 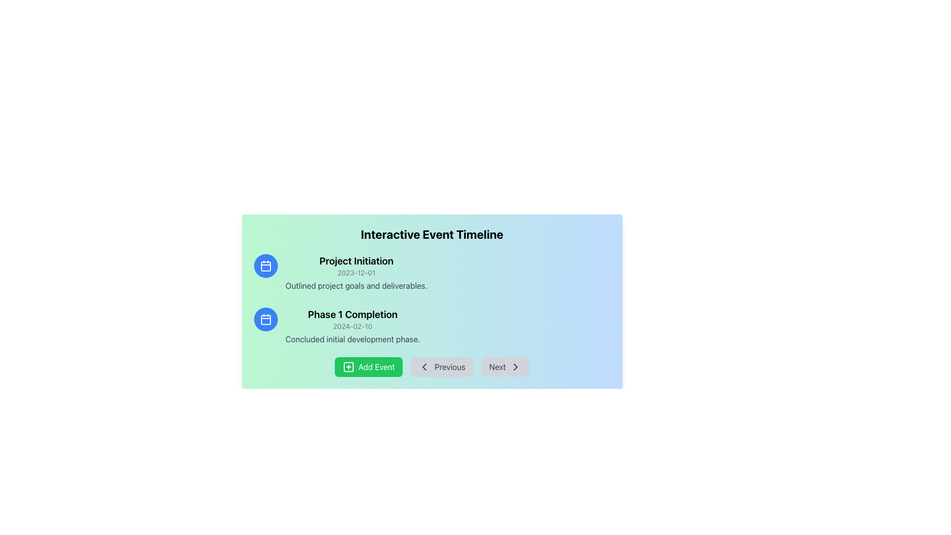 I want to click on the first calendar-like icon with a blue background in the 'Project Initiation' section, so click(x=265, y=265).